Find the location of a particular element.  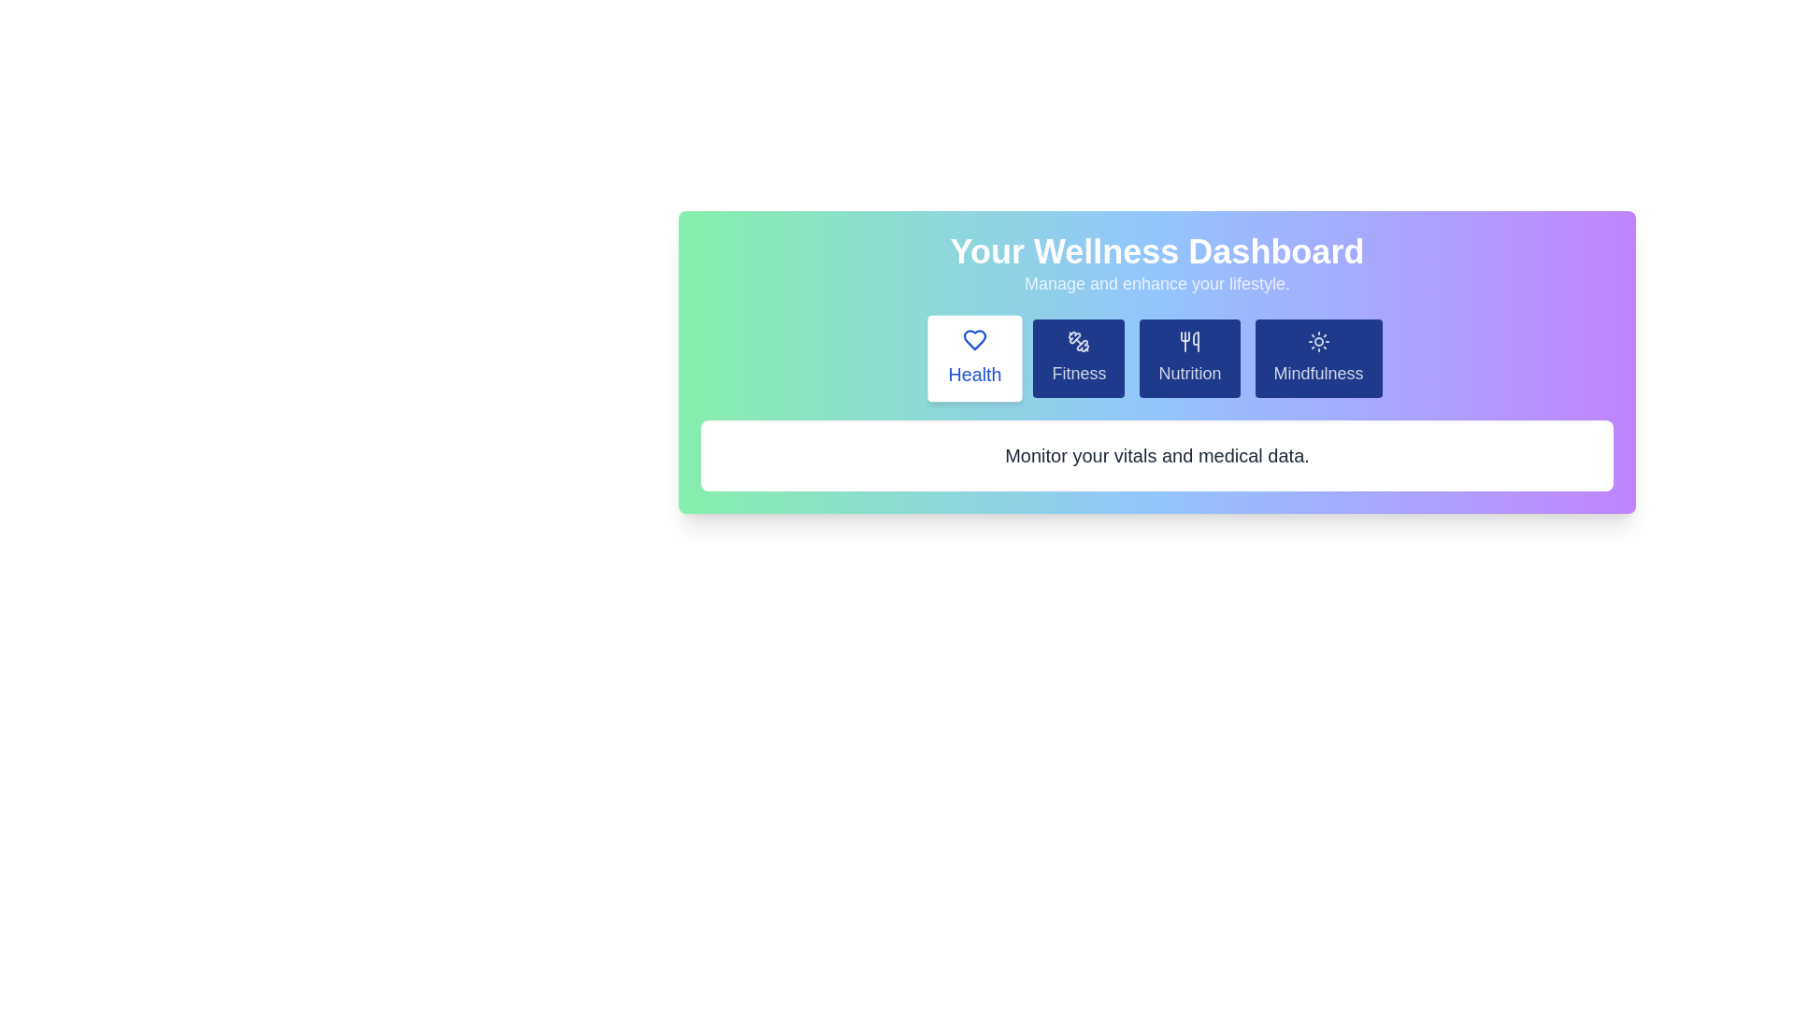

the tab labeled Nutrition to preview its hover state is located at coordinates (1188, 359).